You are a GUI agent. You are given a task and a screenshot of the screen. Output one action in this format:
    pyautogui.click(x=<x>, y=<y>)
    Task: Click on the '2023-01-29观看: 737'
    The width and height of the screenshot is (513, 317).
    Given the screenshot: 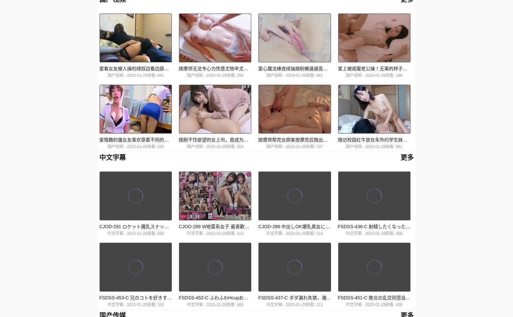 What is the action you would take?
    pyautogui.click(x=286, y=146)
    